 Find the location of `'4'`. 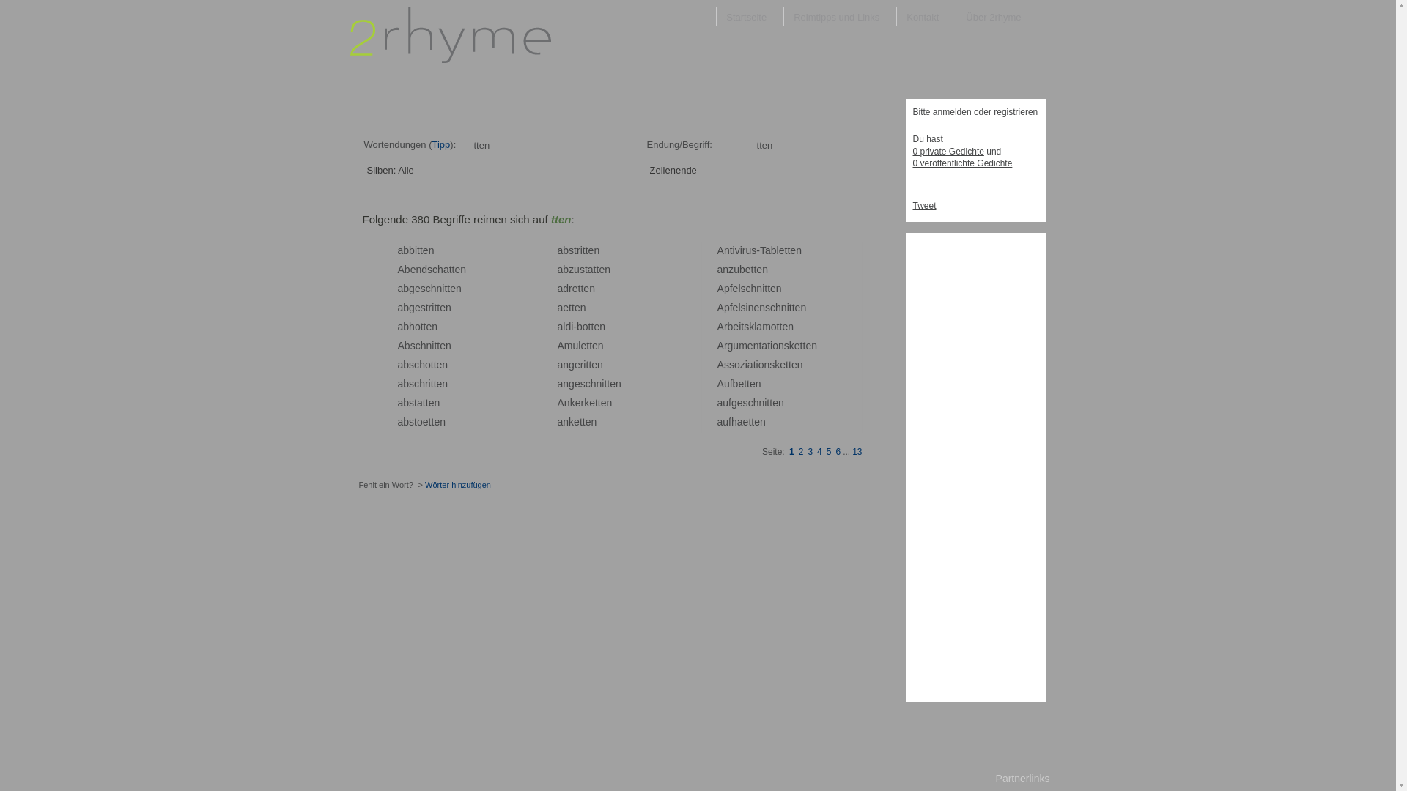

'4' is located at coordinates (814, 451).